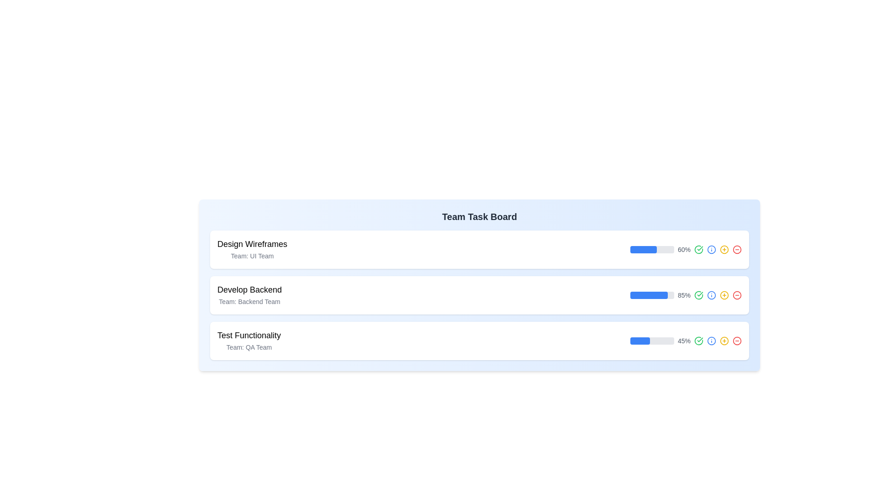 Image resolution: width=877 pixels, height=493 pixels. Describe the element at coordinates (711, 250) in the screenshot. I see `the third interactive icon located at the far right of the task line with a progress bar labeled '60%'` at that location.